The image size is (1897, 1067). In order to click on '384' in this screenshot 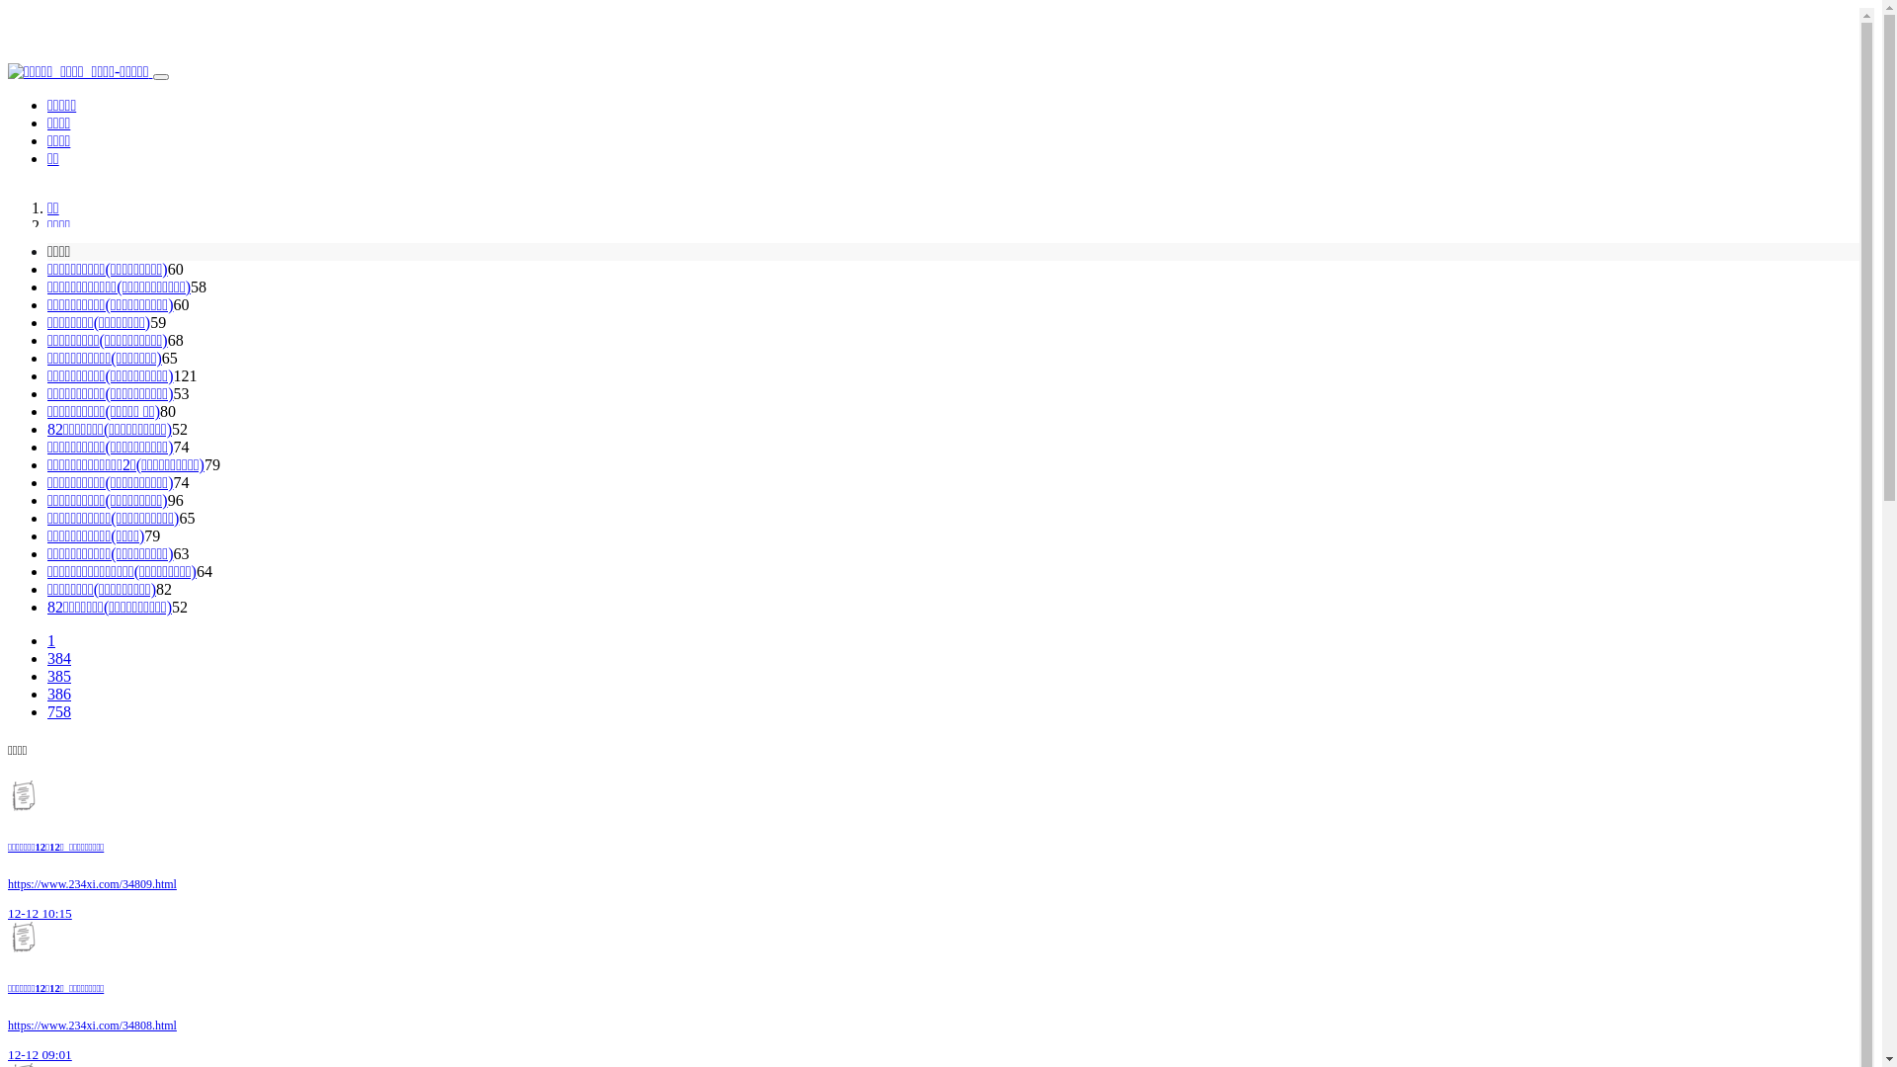, I will do `click(58, 658)`.